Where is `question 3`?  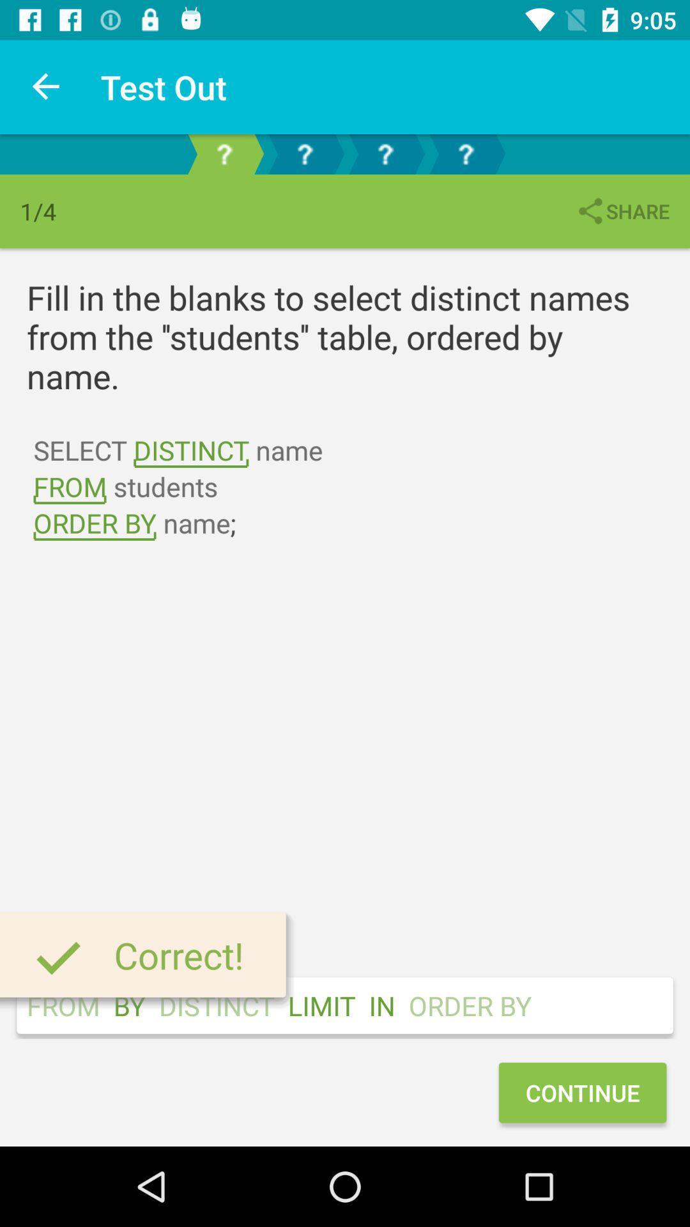 question 3 is located at coordinates (384, 153).